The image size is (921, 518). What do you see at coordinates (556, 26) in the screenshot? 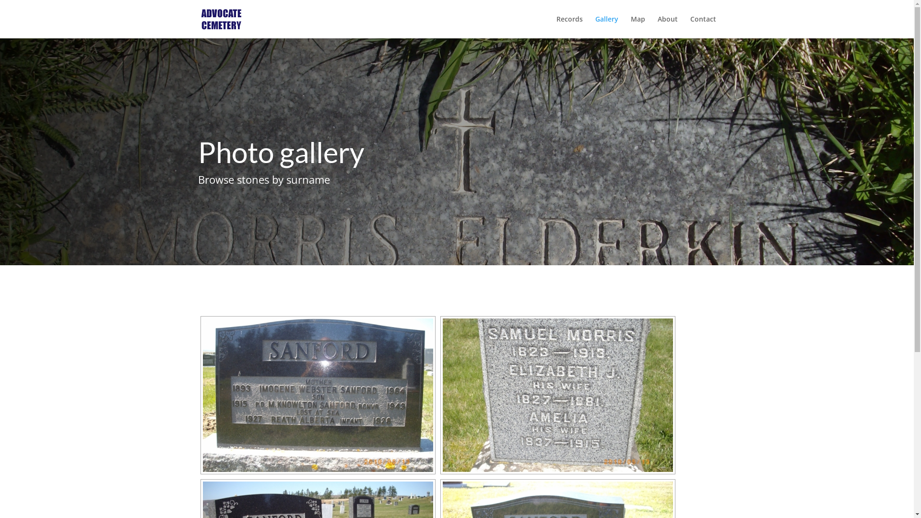
I see `'Records'` at bounding box center [556, 26].